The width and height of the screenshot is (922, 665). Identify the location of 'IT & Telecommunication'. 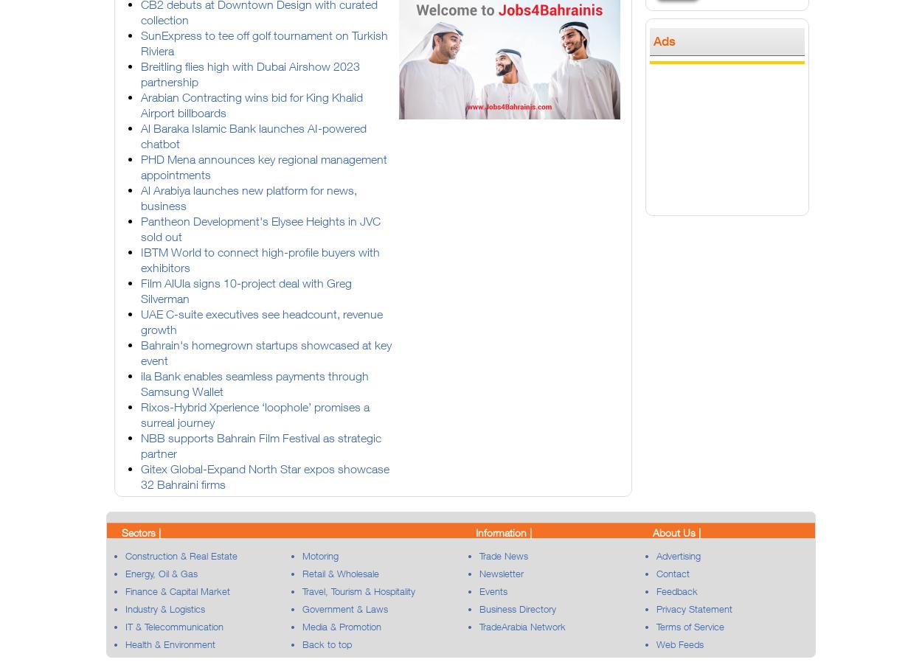
(173, 627).